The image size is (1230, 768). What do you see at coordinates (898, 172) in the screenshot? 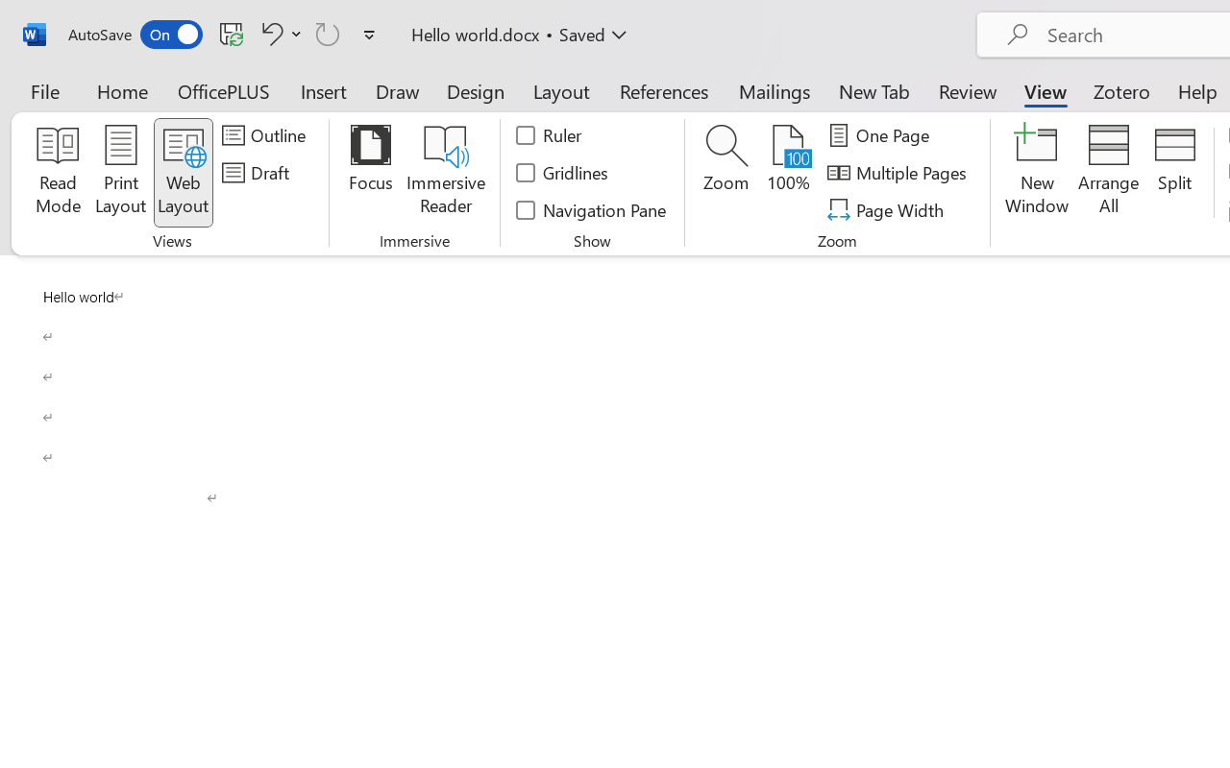
I see `'Multiple Pages'` at bounding box center [898, 172].